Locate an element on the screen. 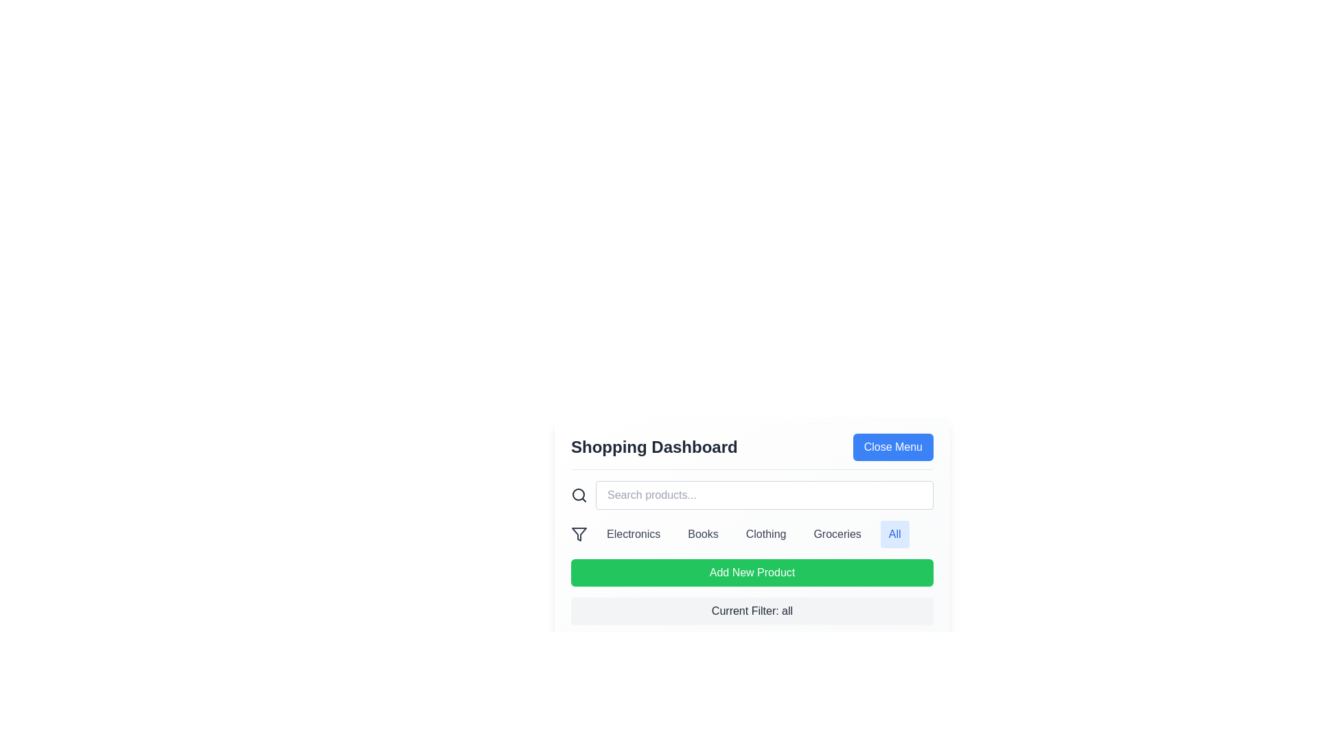 The height and width of the screenshot is (741, 1318). the SVG circle that represents the lens part of the magnifying glass icon located at the top-left corner of the main content area is located at coordinates (579, 495).